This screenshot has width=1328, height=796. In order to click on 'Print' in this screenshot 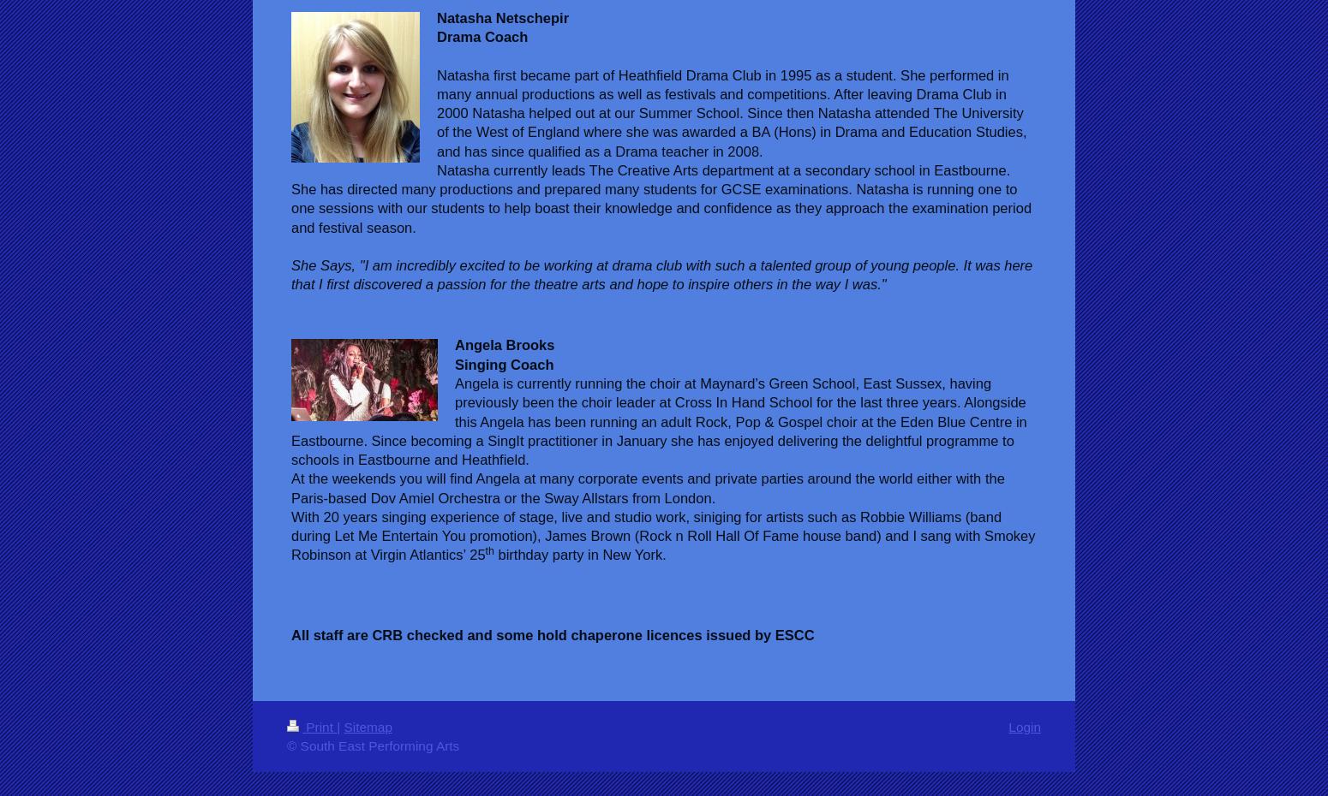, I will do `click(318, 725)`.